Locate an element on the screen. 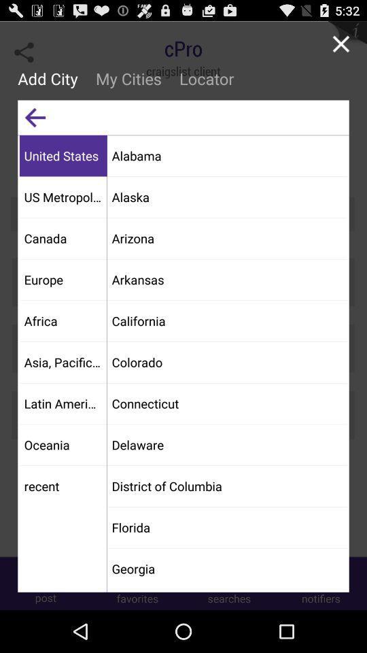 This screenshot has height=653, width=367. the alabama app is located at coordinates (227, 155).